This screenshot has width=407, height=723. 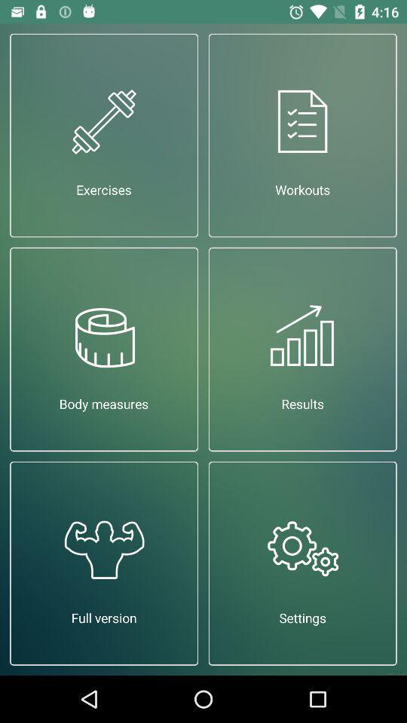 I want to click on the app above full version app, so click(x=103, y=349).